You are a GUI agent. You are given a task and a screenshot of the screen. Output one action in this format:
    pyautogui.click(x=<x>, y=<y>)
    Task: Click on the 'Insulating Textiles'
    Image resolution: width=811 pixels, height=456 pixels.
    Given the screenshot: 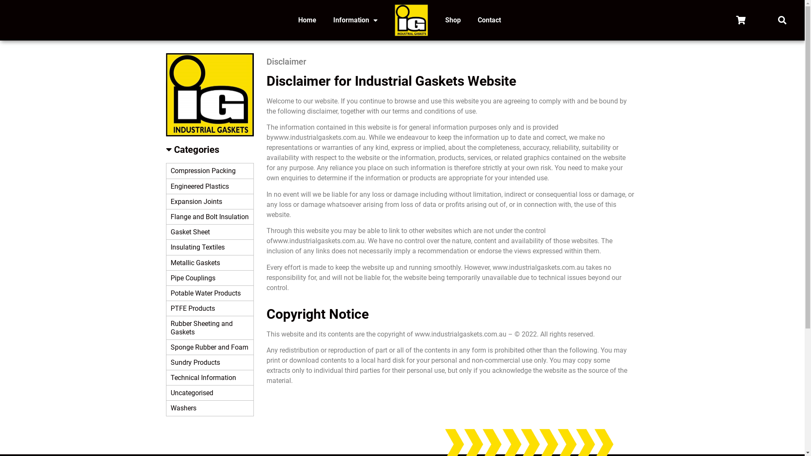 What is the action you would take?
    pyautogui.click(x=210, y=247)
    